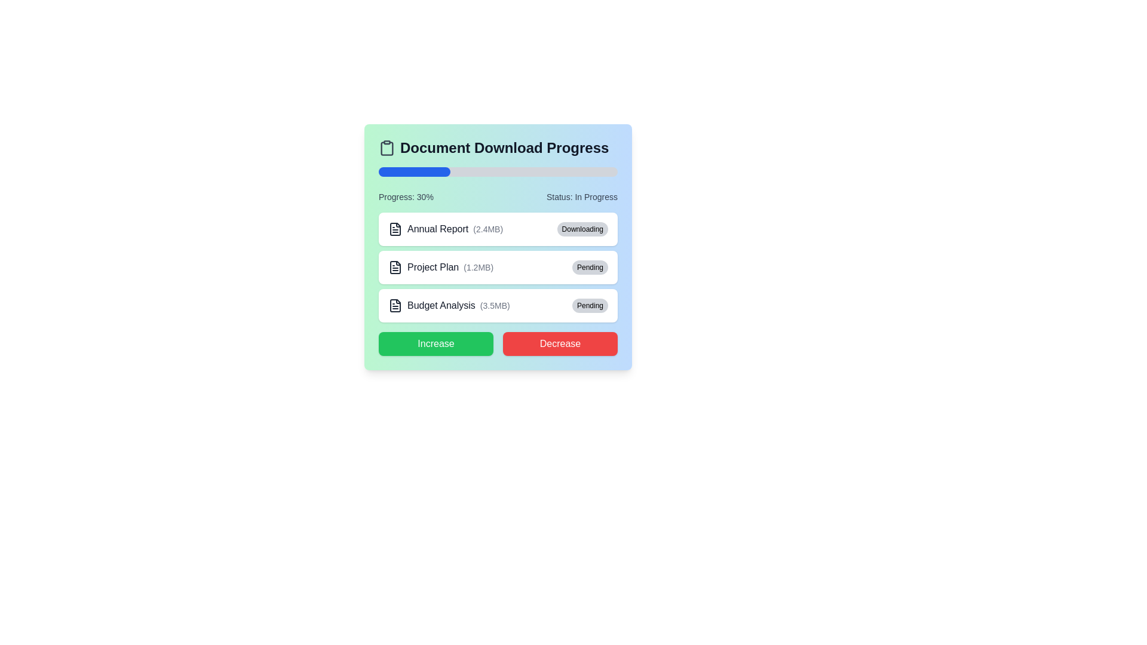  Describe the element at coordinates (488, 229) in the screenshot. I see `the file size label '(2.4MB)' which is located to the right of 'Annual Report' in the first row of document entries` at that location.